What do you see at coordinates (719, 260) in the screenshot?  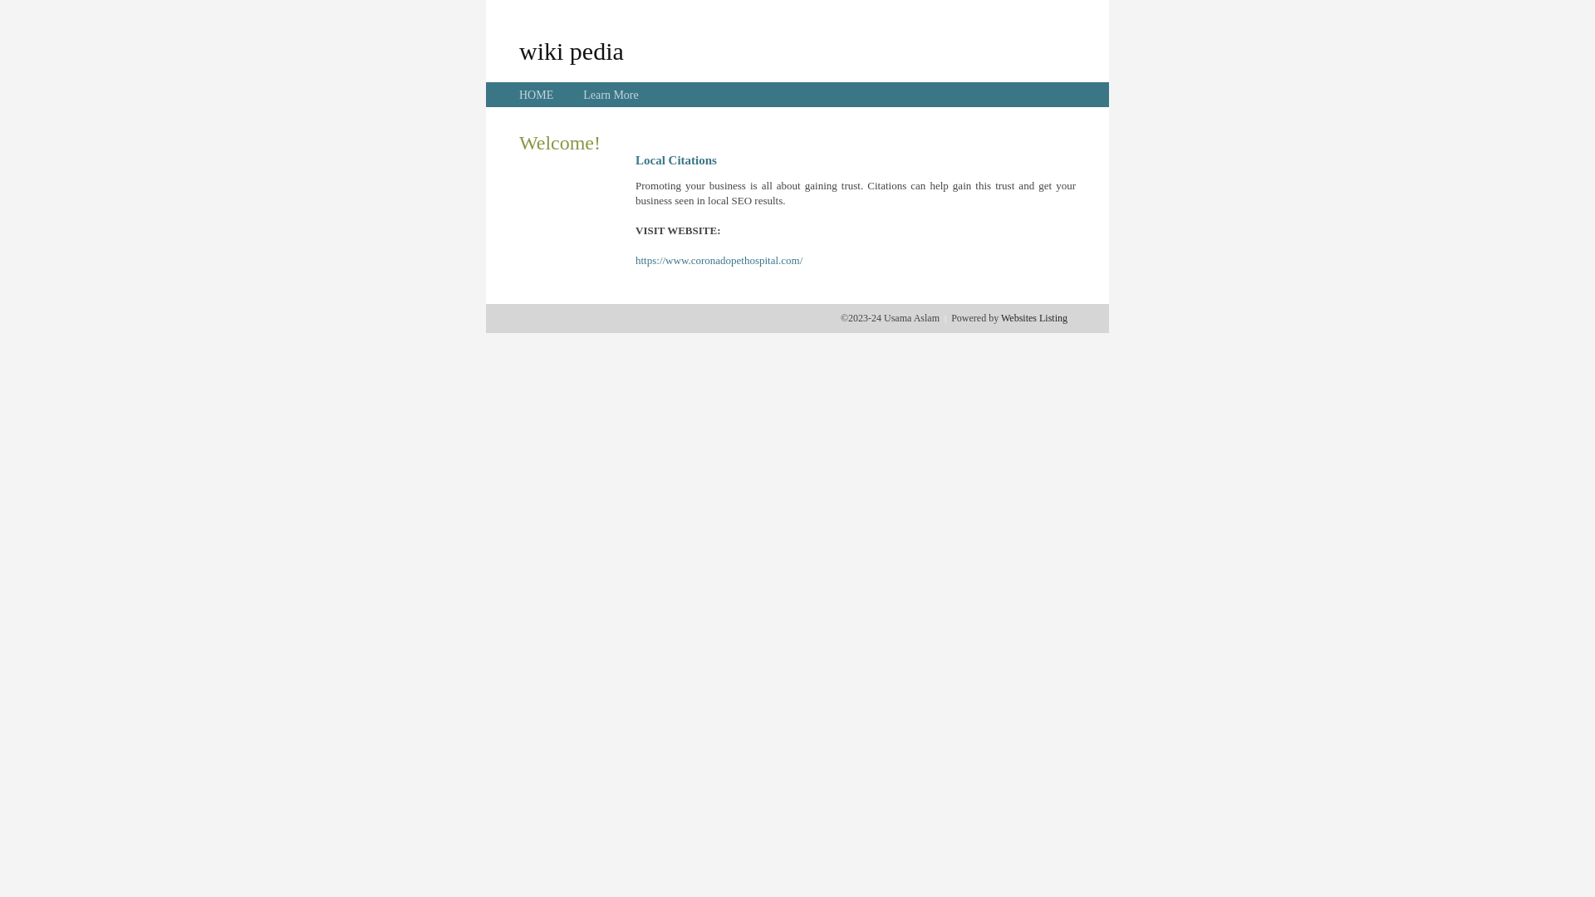 I see `'https://www.coronadopethospital.com/'` at bounding box center [719, 260].